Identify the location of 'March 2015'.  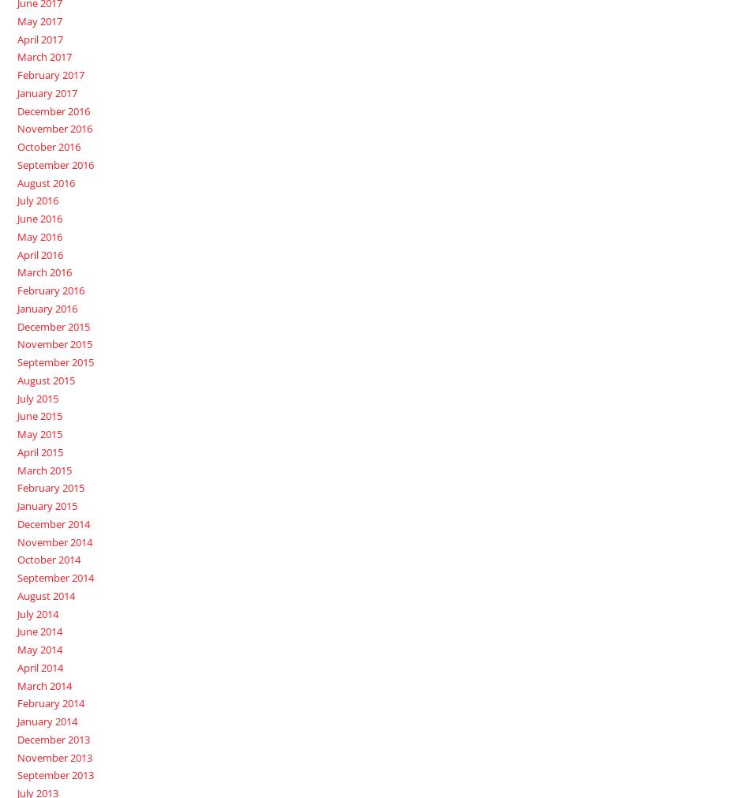
(43, 469).